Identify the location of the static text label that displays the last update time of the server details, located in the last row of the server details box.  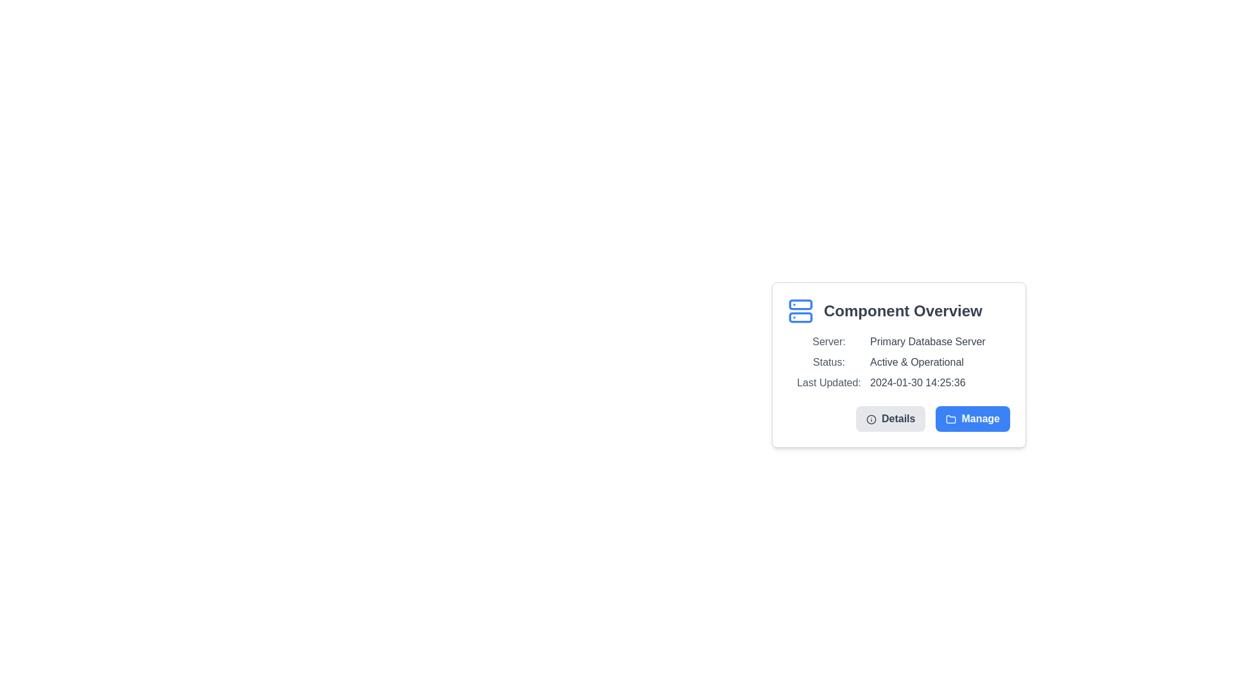
(898, 382).